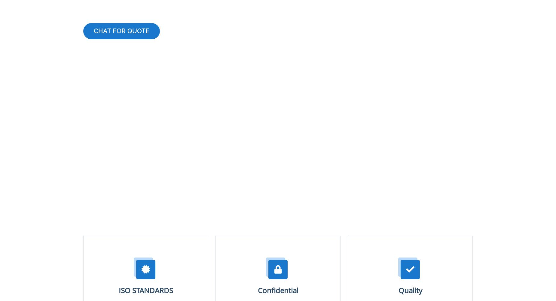 The image size is (556, 301). What do you see at coordinates (100, 220) in the screenshot?
I see `'Translation'` at bounding box center [100, 220].